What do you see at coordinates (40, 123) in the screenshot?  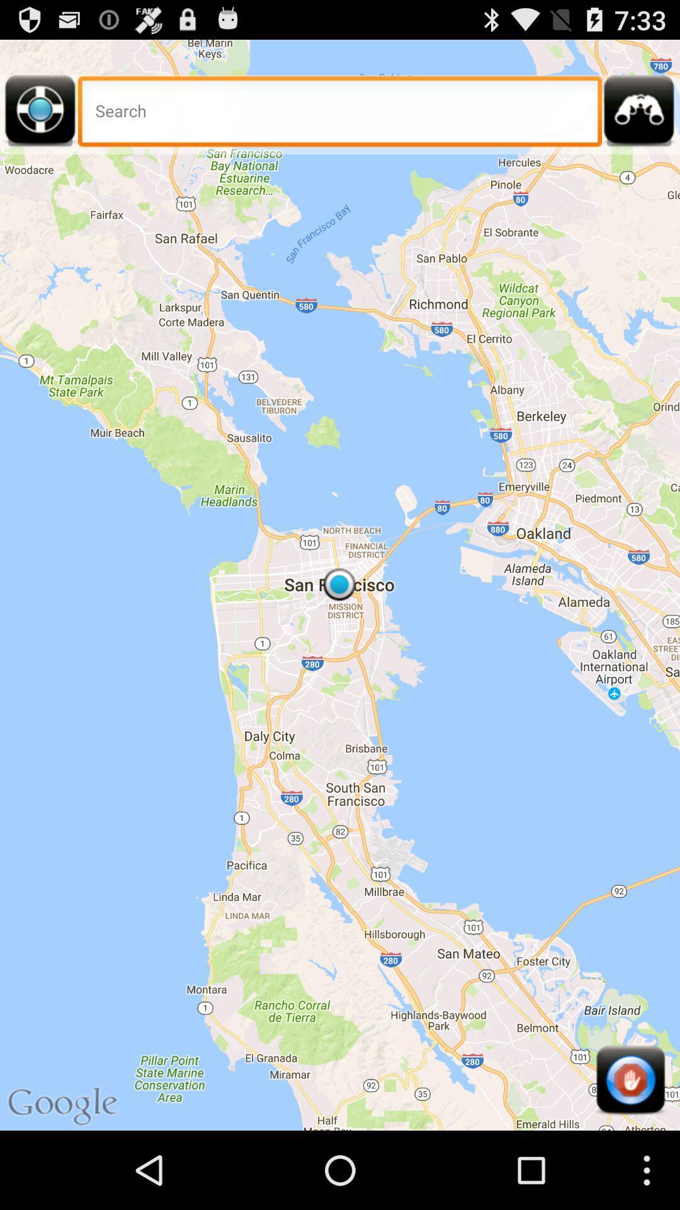 I see `the location_crosshair icon` at bounding box center [40, 123].